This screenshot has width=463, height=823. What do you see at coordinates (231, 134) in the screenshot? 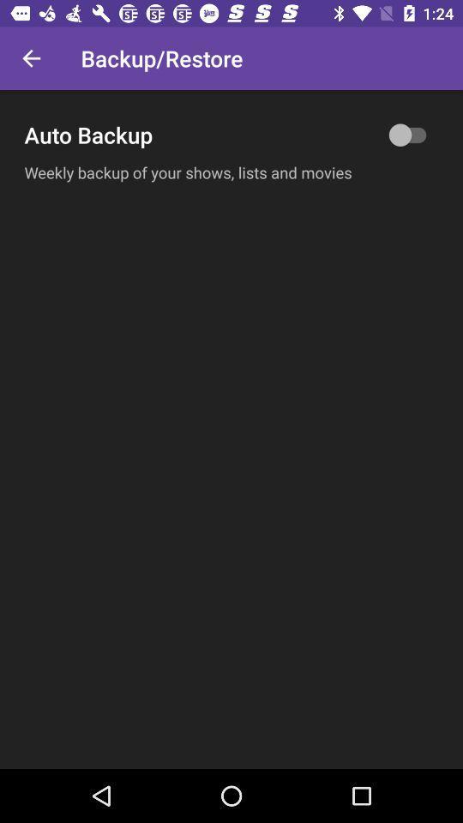
I see `auto backup item` at bounding box center [231, 134].